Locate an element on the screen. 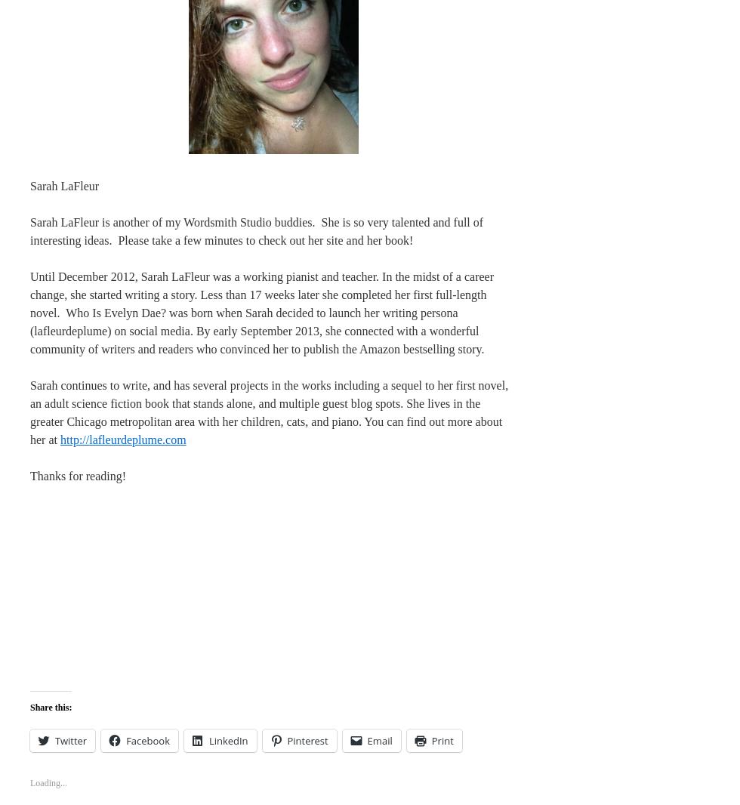 Image resolution: width=740 pixels, height=805 pixels. 'Loading...' is located at coordinates (48, 782).